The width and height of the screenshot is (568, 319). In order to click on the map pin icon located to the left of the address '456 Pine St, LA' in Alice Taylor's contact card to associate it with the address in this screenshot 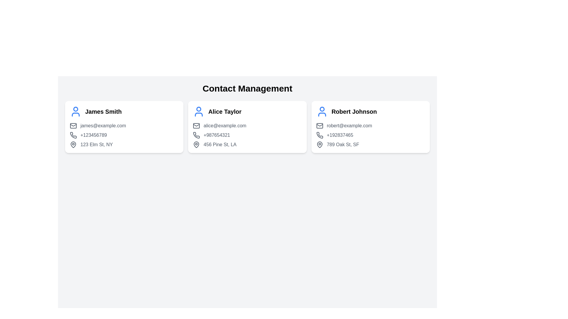, I will do `click(196, 144)`.